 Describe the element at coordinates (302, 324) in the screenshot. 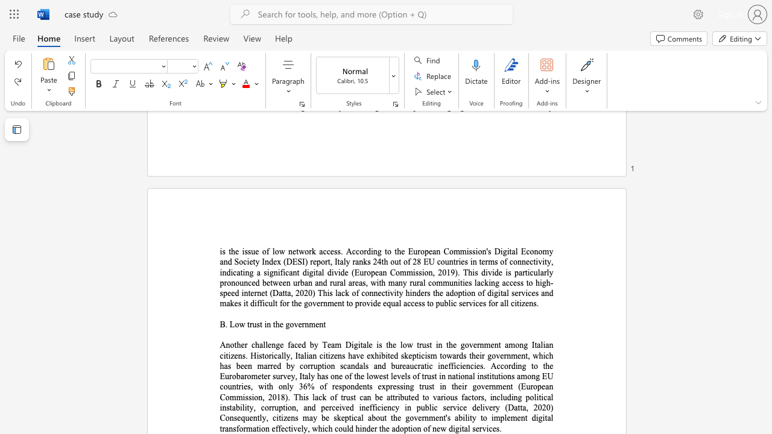

I see `the space between the continuous character "e" and "r" in the text` at that location.